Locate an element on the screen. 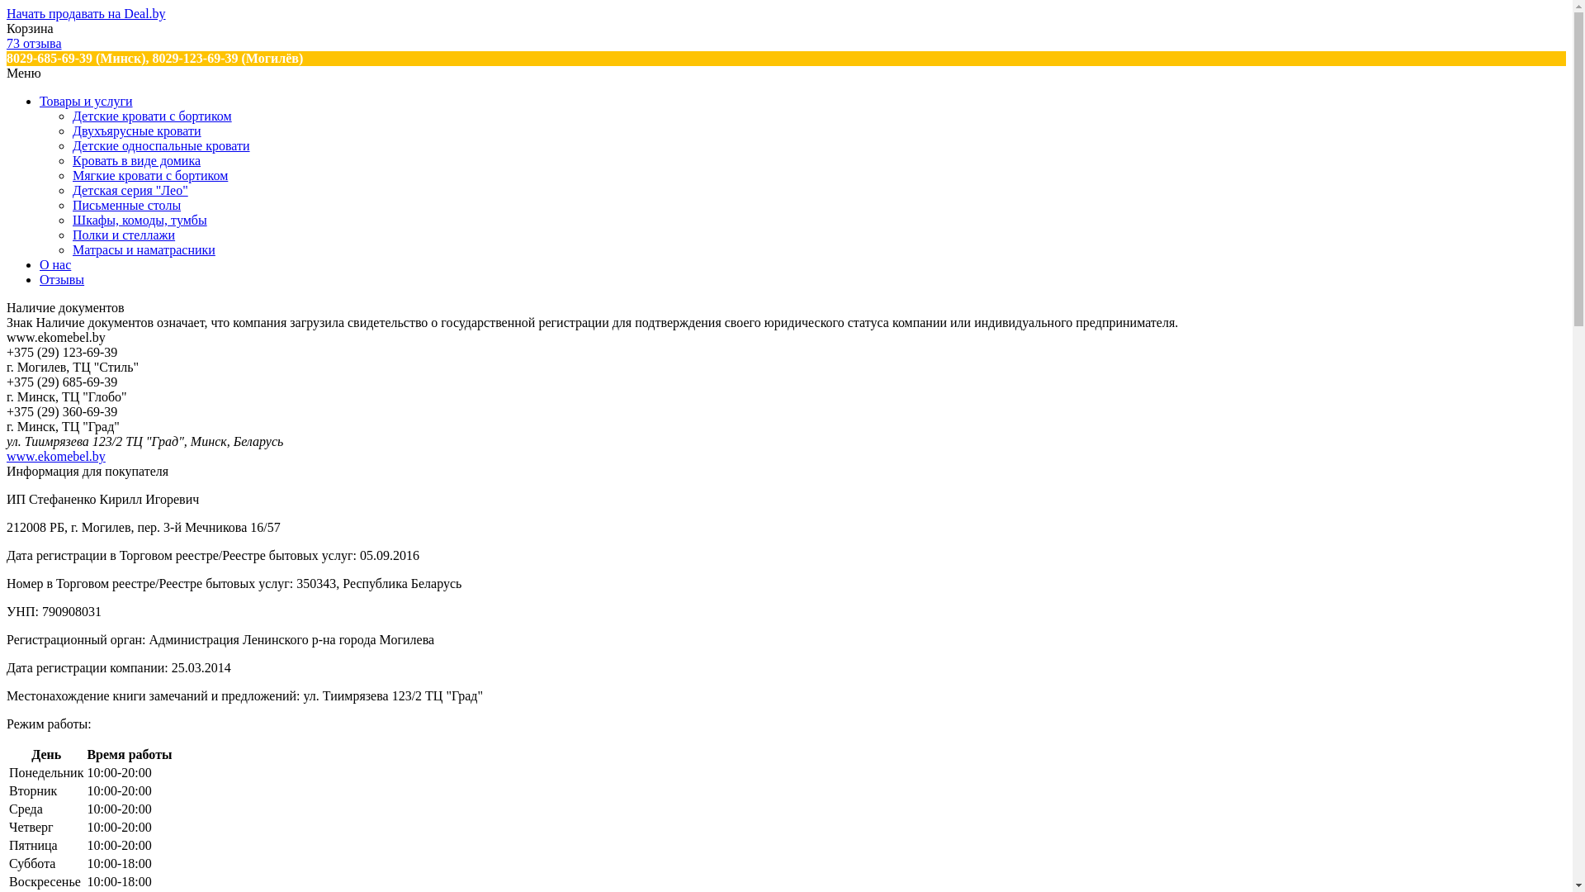 Image resolution: width=1585 pixels, height=892 pixels. 'www.ekomebel.by' is located at coordinates (7, 456).